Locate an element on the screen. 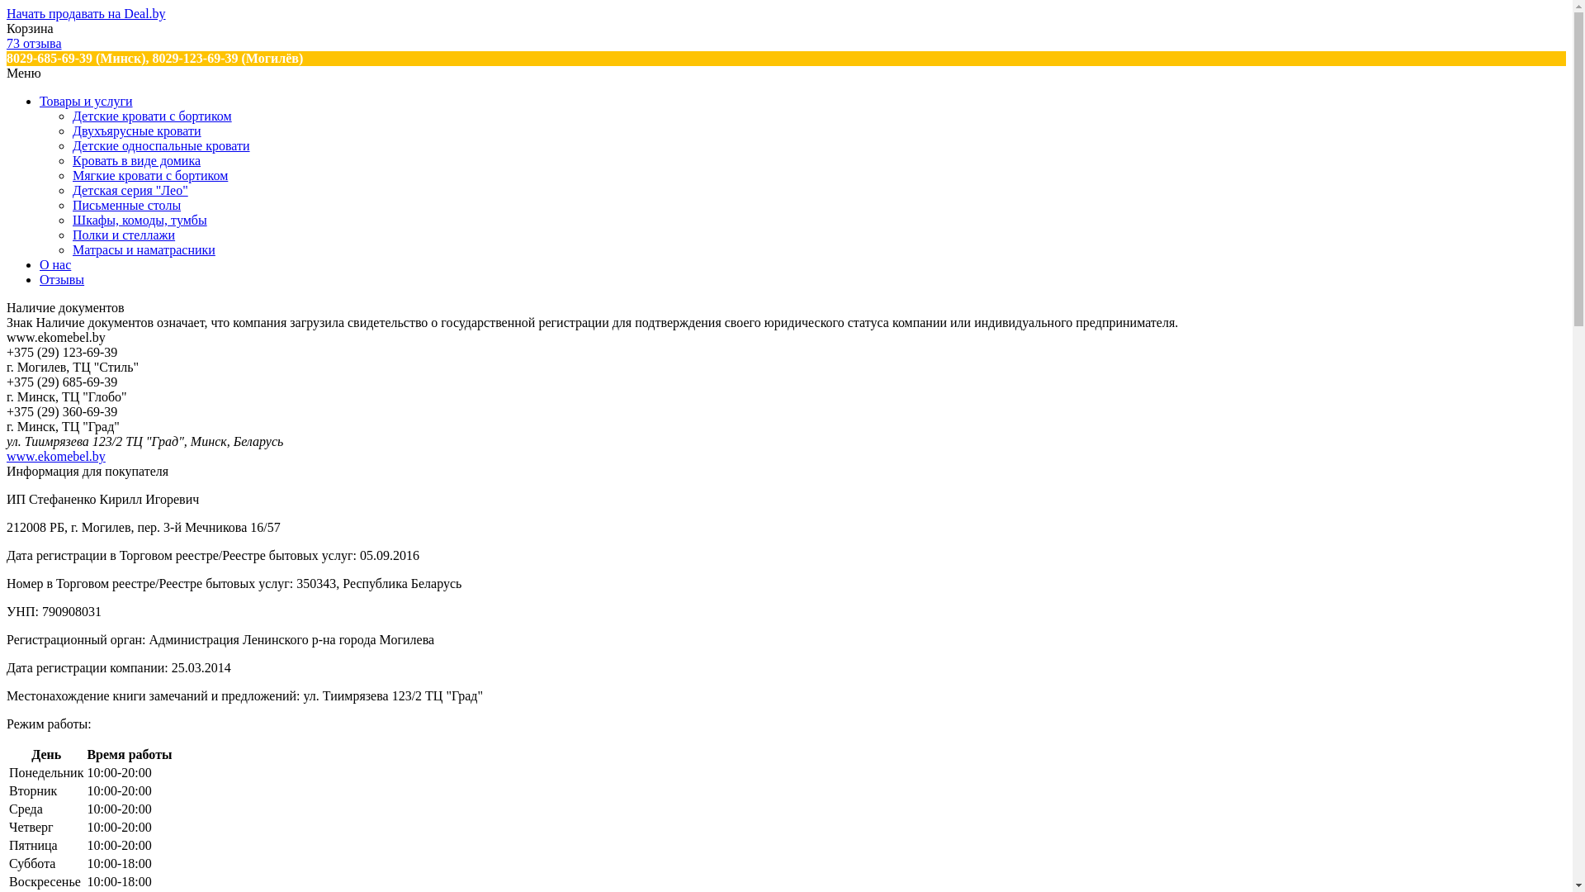 Image resolution: width=1585 pixels, height=892 pixels. 'www.ekomebel.by' is located at coordinates (7, 456).